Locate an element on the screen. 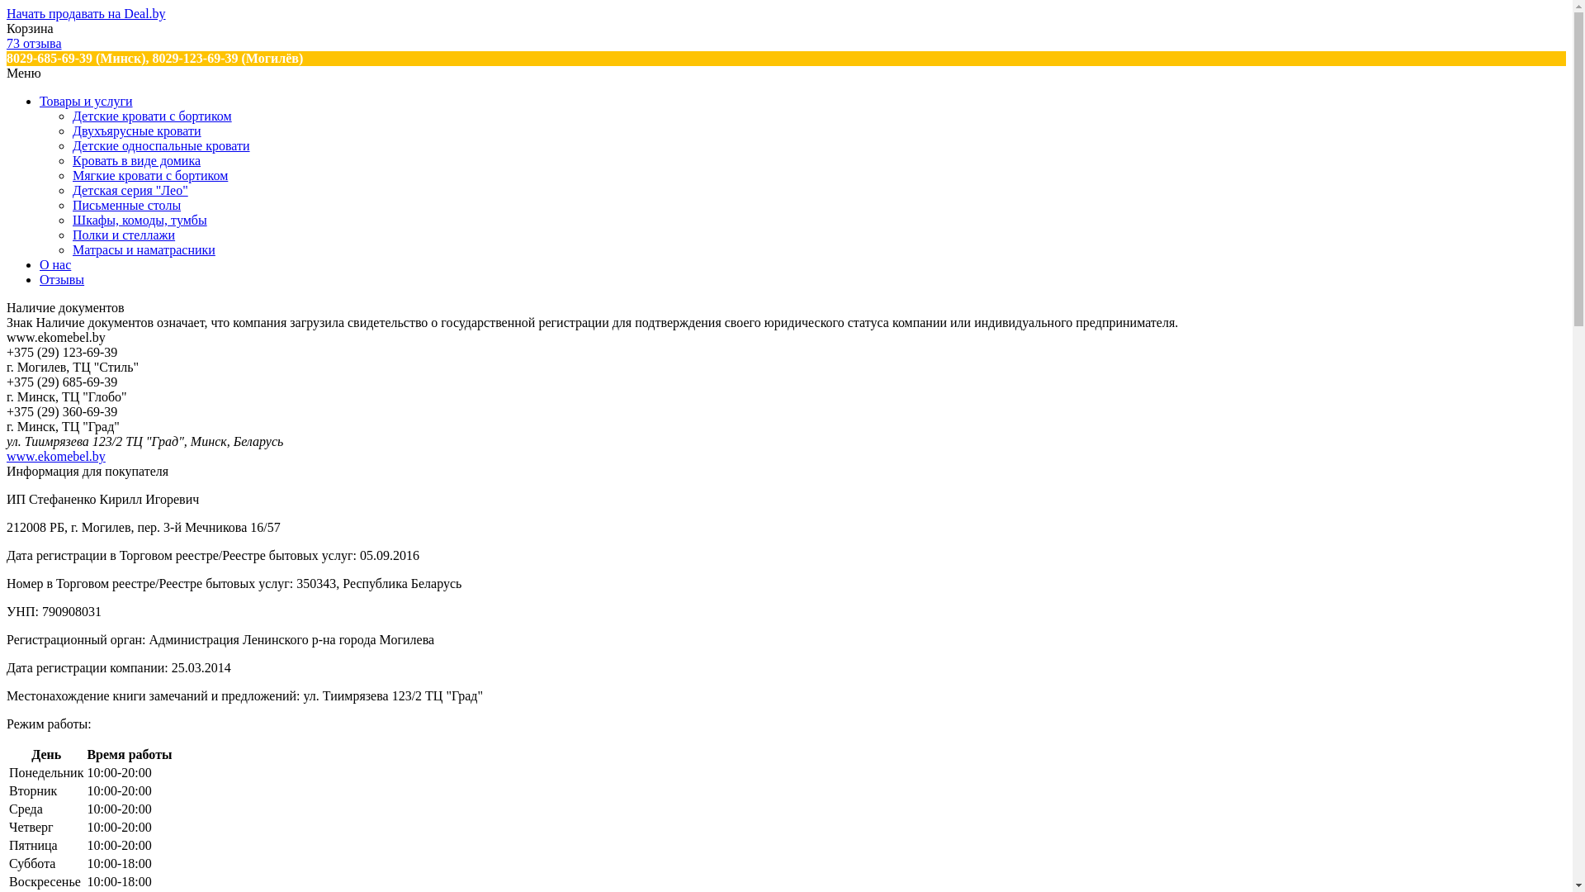 Image resolution: width=1585 pixels, height=892 pixels. 'www.ekomebel.by' is located at coordinates (7, 456).